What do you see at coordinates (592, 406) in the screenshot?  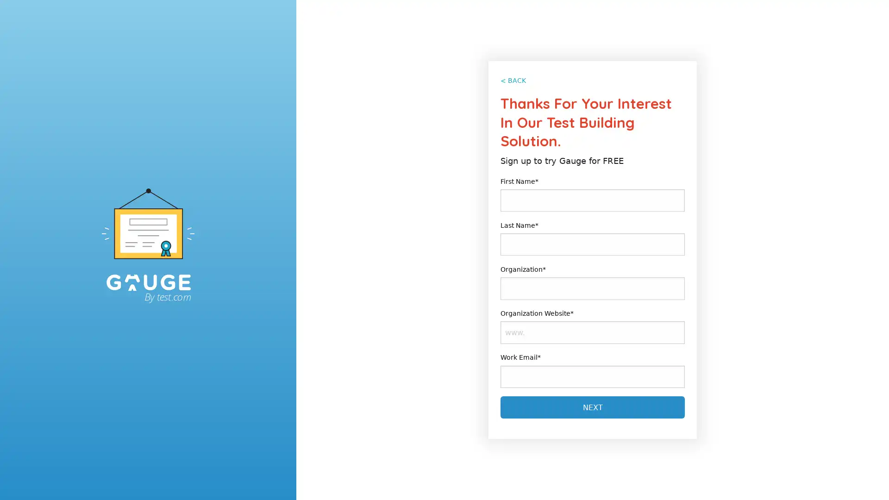 I see `Next` at bounding box center [592, 406].